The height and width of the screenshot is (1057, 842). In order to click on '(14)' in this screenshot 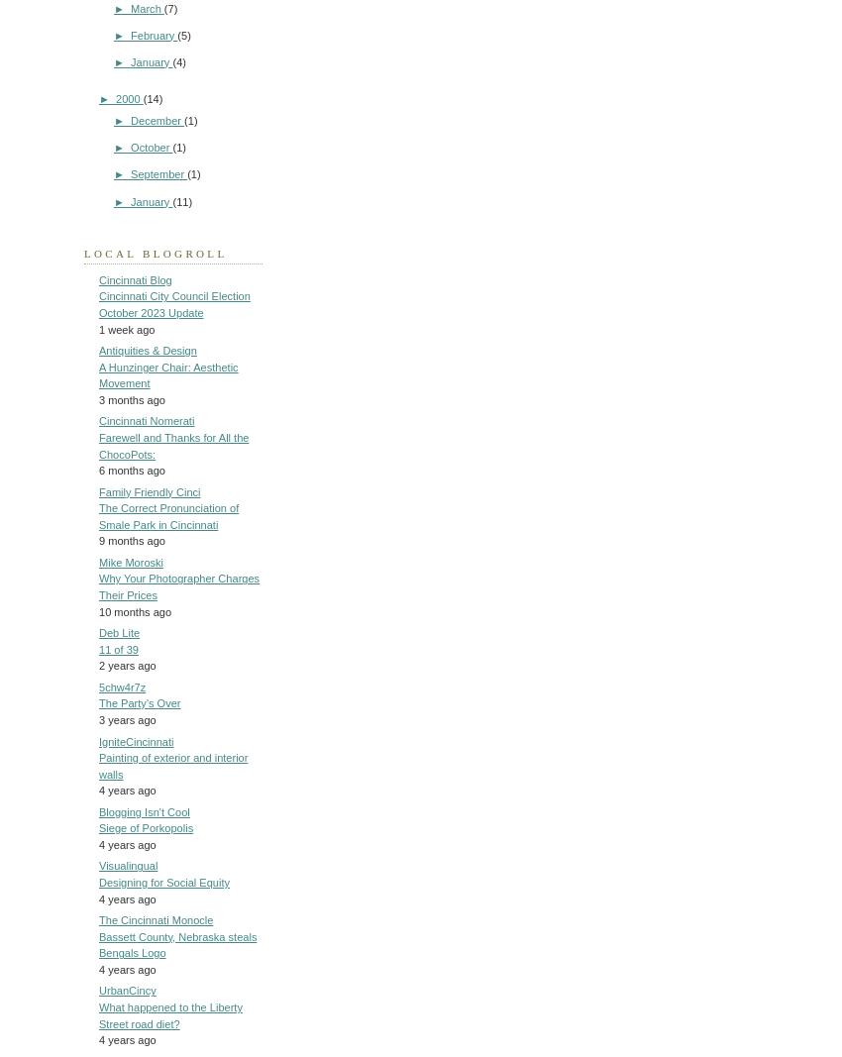, I will do `click(153, 97)`.